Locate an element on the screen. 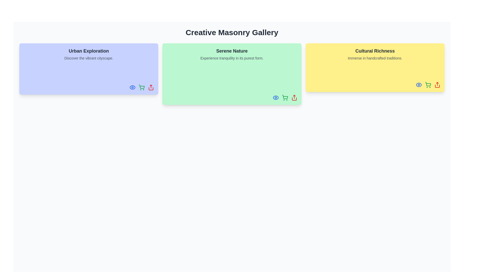 The width and height of the screenshot is (494, 277). the green shopping cart icon located in the middle of the action bar at the bottom-right corner of the 'Cultural Richness' card is located at coordinates (428, 85).